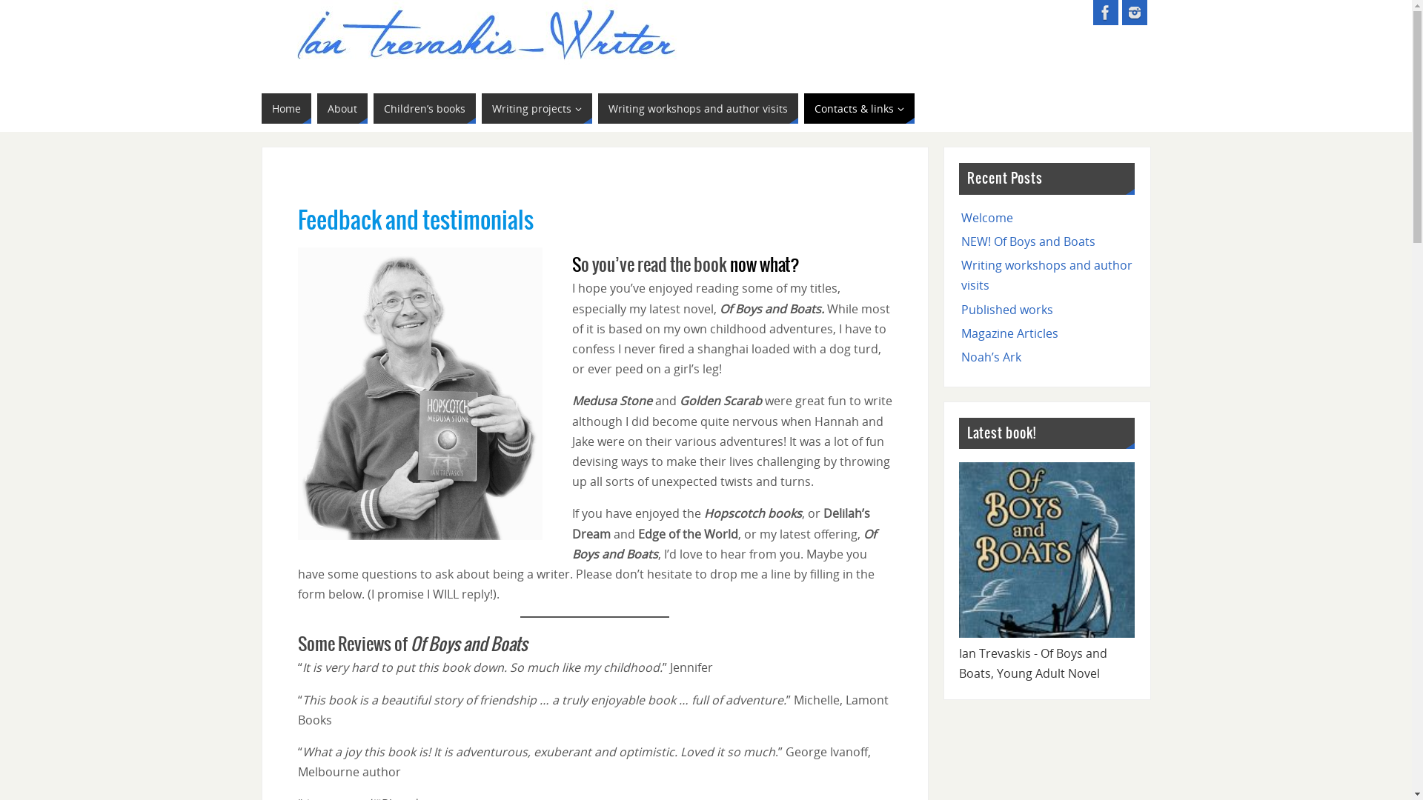 This screenshot has width=1423, height=800. Describe the element at coordinates (285, 107) in the screenshot. I see `'Home'` at that location.